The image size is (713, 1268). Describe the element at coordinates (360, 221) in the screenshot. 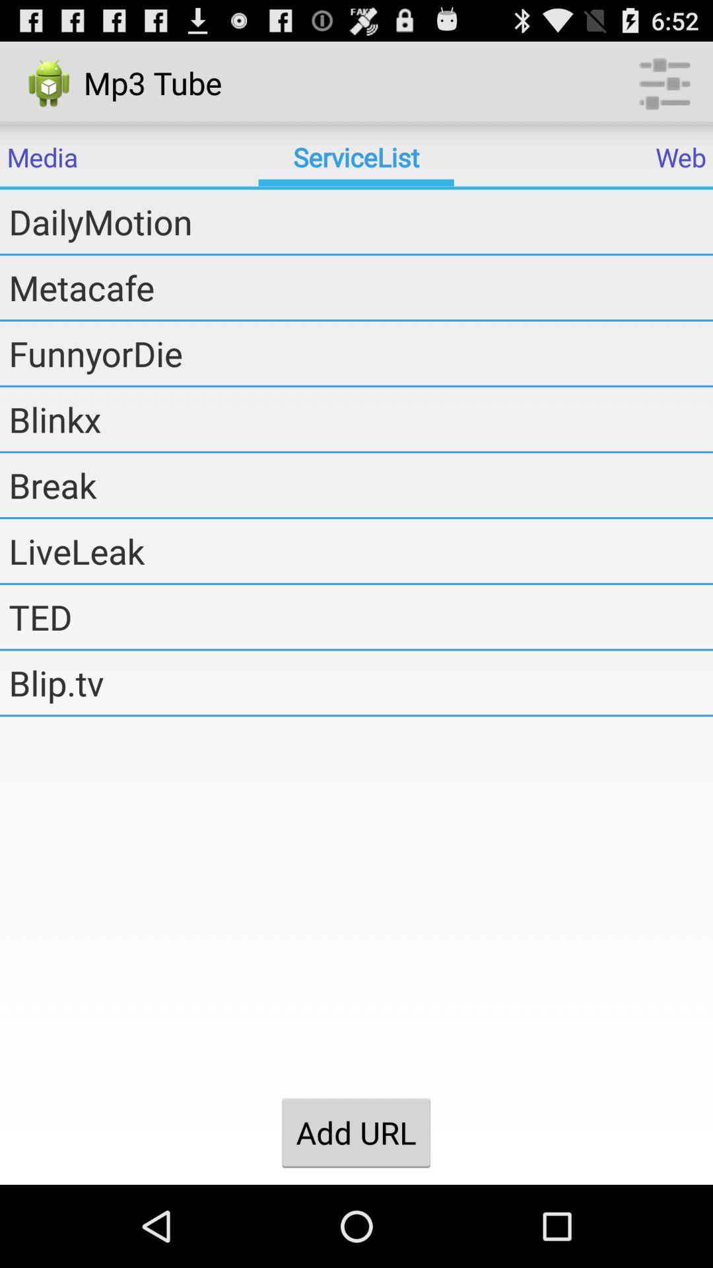

I see `the dailymotion icon` at that location.